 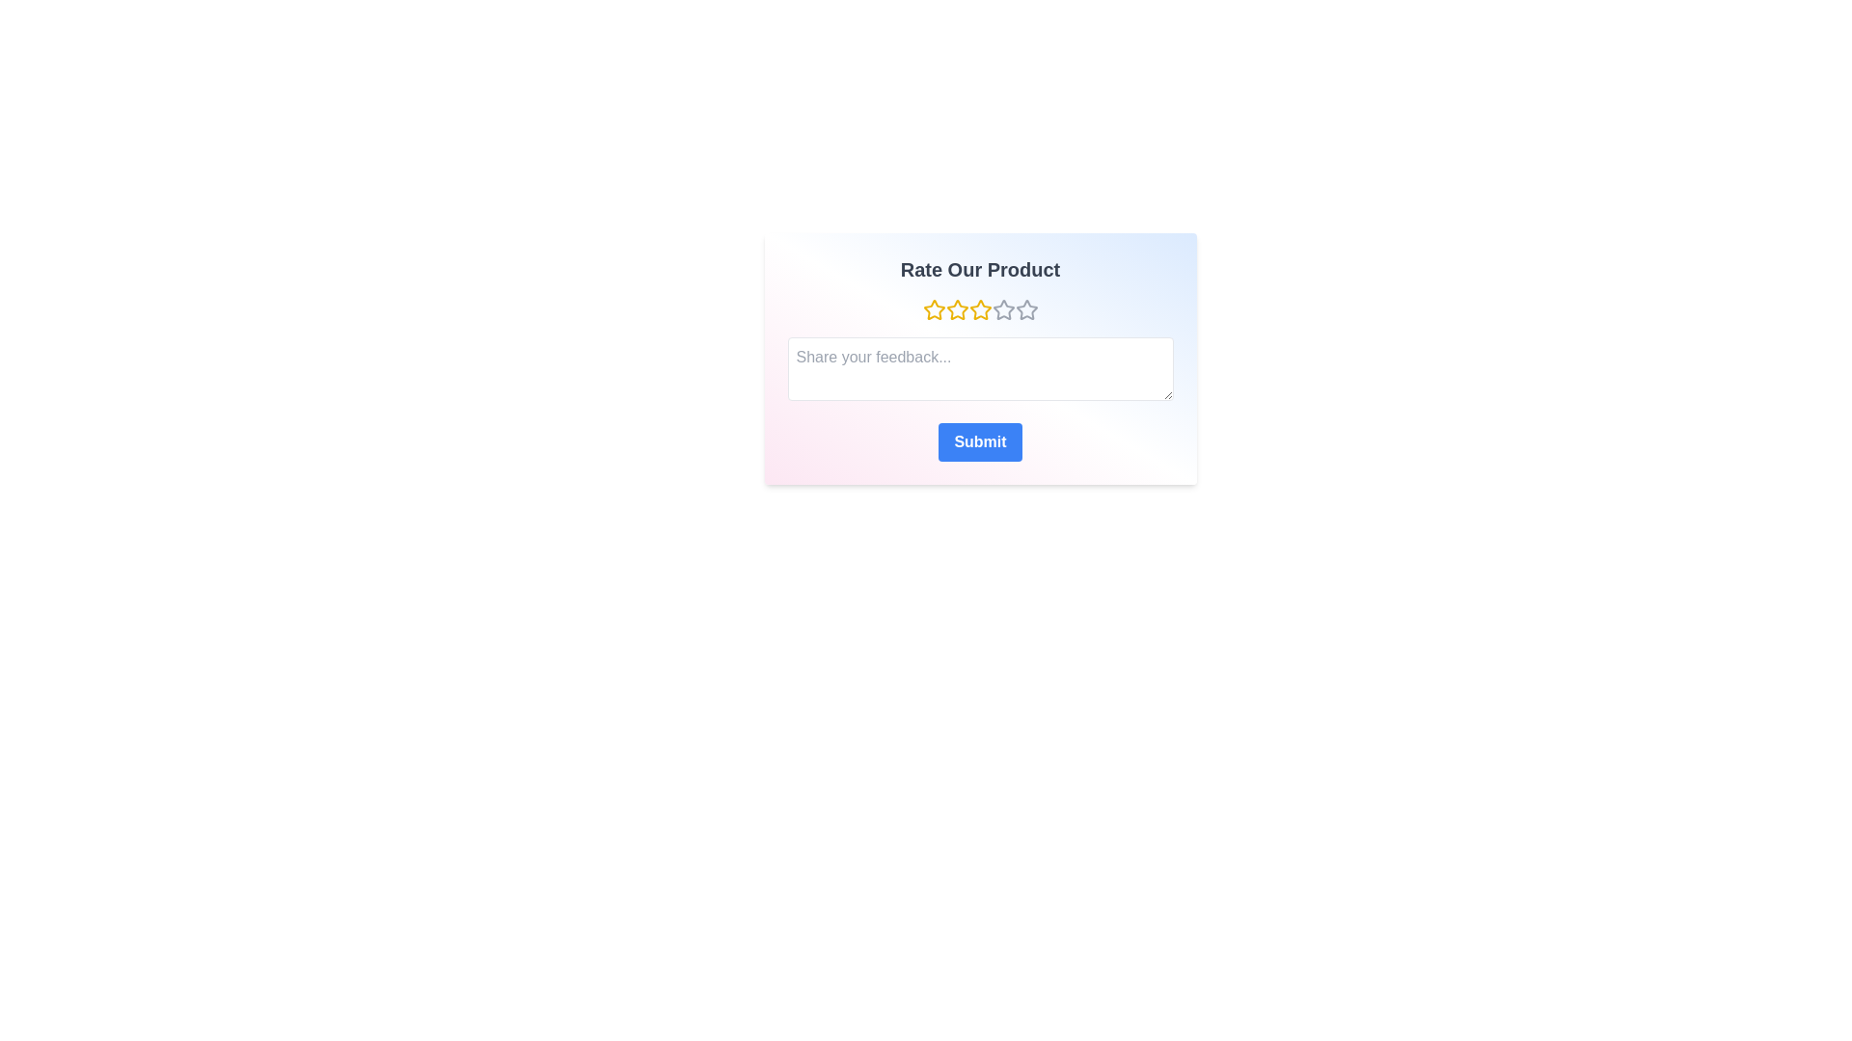 What do you see at coordinates (1025, 308) in the screenshot?
I see `the star representing 5 to set the rating` at bounding box center [1025, 308].